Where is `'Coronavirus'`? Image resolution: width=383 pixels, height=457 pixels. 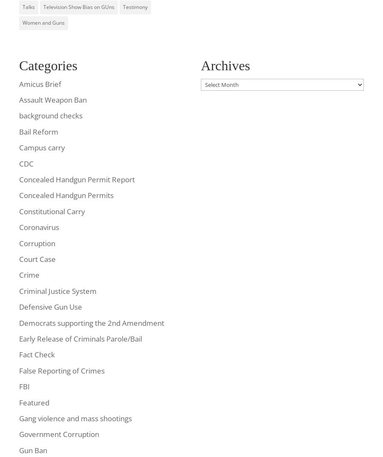
'Coronavirus' is located at coordinates (38, 227).